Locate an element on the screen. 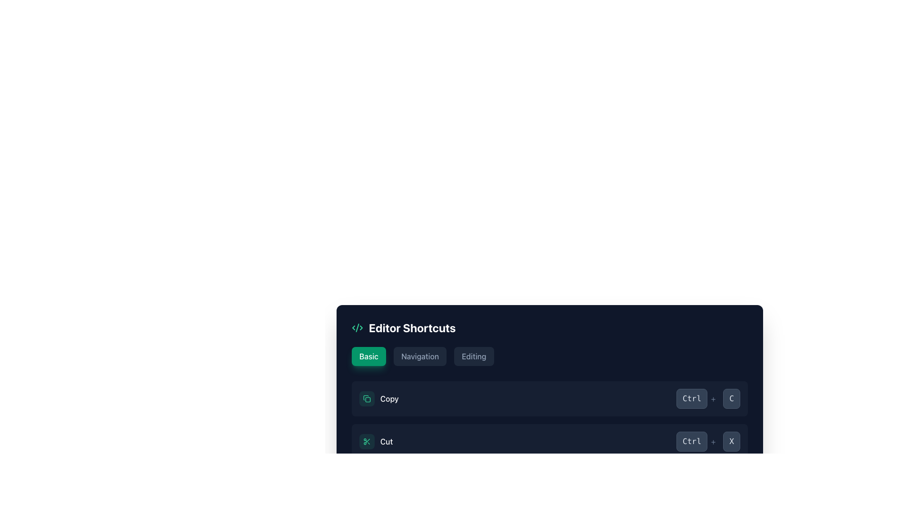 The image size is (914, 514). the 'Copy' icon button, which is a small square button with a light green border and faint green background located in the 'Editor Shortcuts' section is located at coordinates (367, 398).